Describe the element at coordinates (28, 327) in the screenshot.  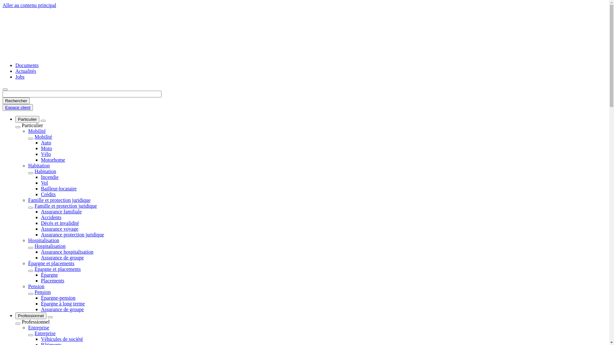
I see `'Entreprise'` at that location.